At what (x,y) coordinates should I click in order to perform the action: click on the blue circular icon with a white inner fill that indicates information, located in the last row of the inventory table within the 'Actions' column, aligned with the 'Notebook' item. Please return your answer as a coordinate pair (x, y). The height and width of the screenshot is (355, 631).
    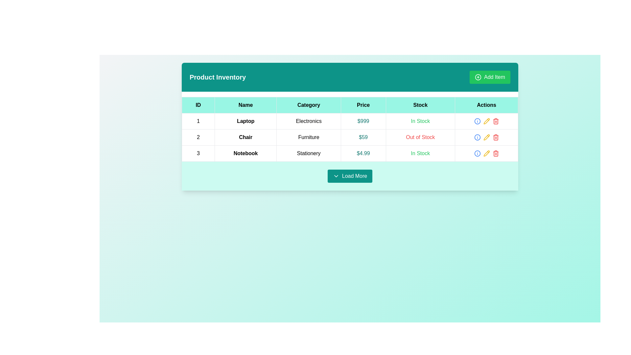
    Looking at the image, I should click on (477, 137).